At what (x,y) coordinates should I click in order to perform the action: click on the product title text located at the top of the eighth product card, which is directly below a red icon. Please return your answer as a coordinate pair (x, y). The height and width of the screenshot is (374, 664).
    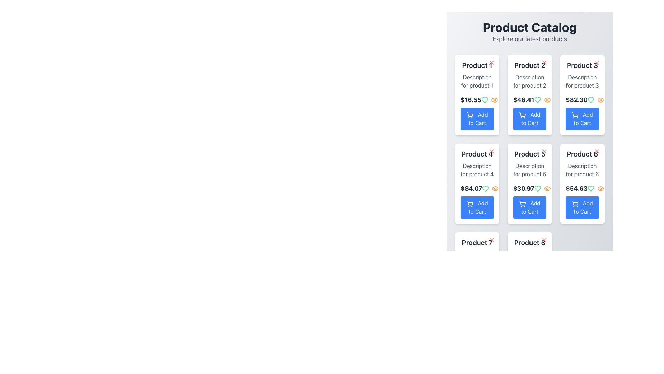
    Looking at the image, I should click on (529, 242).